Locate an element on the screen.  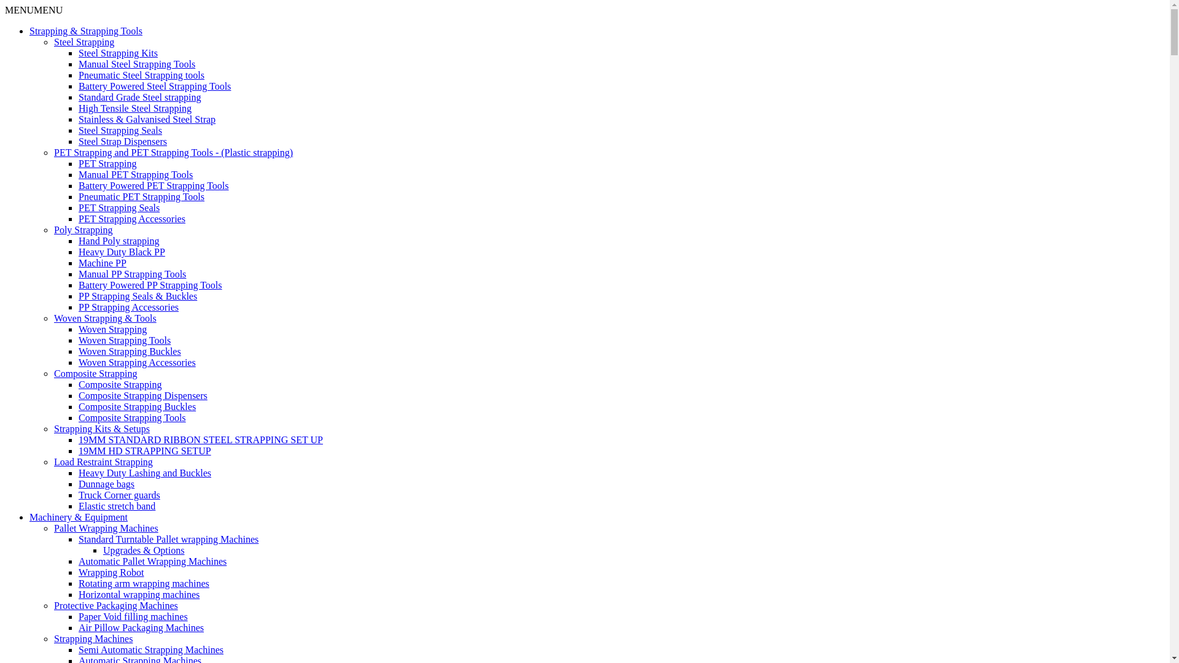
'Woven Strapping Tools' is located at coordinates (124, 340).